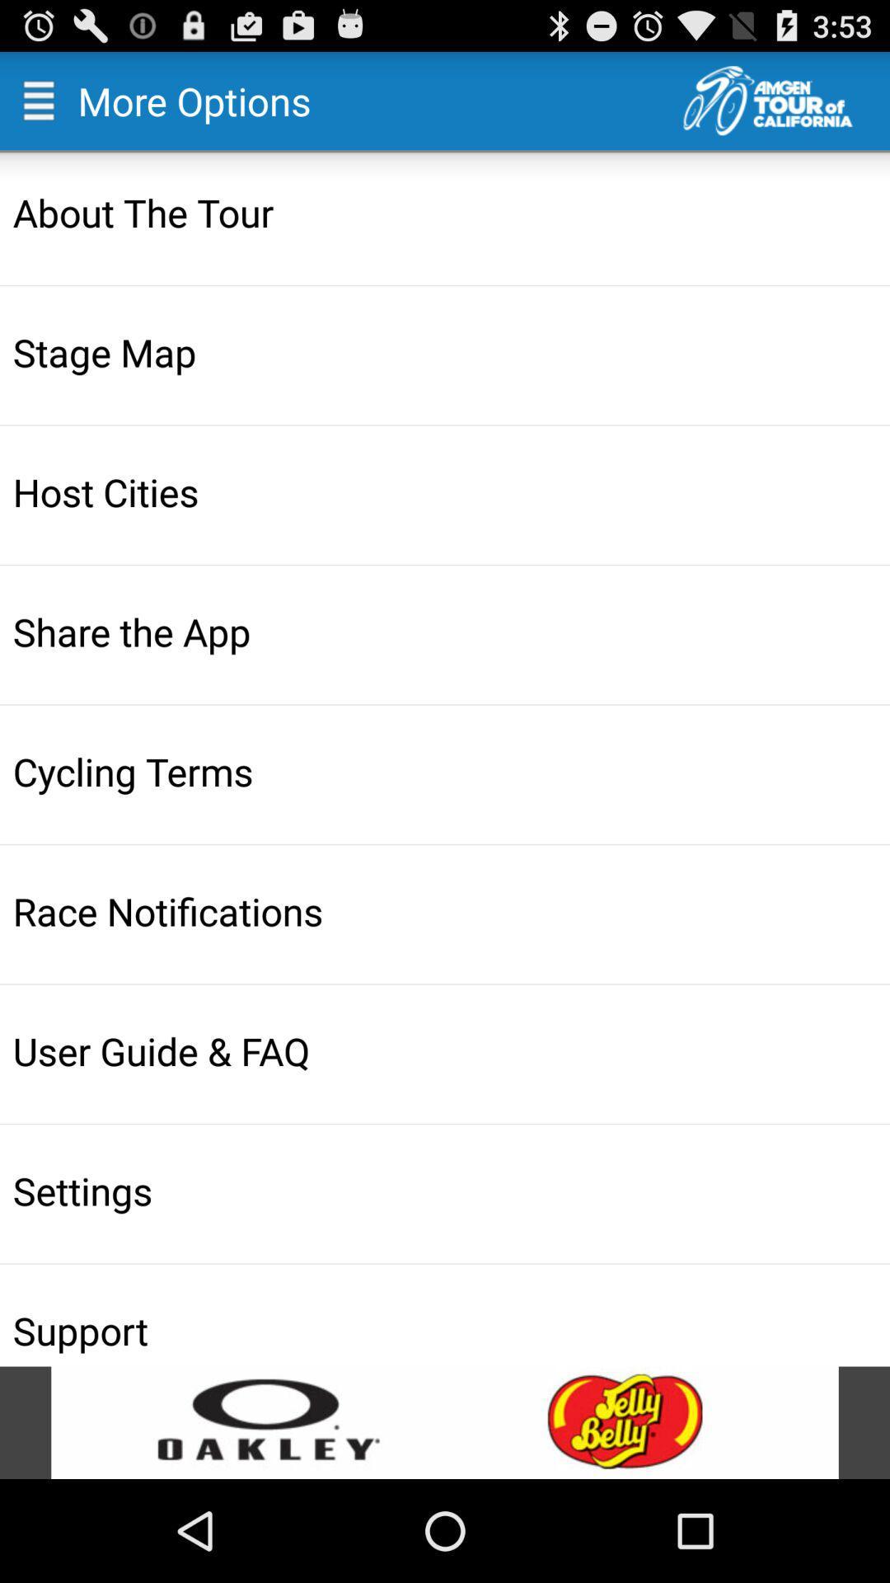 The height and width of the screenshot is (1583, 890). What do you see at coordinates (785, 100) in the screenshot?
I see `the main page` at bounding box center [785, 100].